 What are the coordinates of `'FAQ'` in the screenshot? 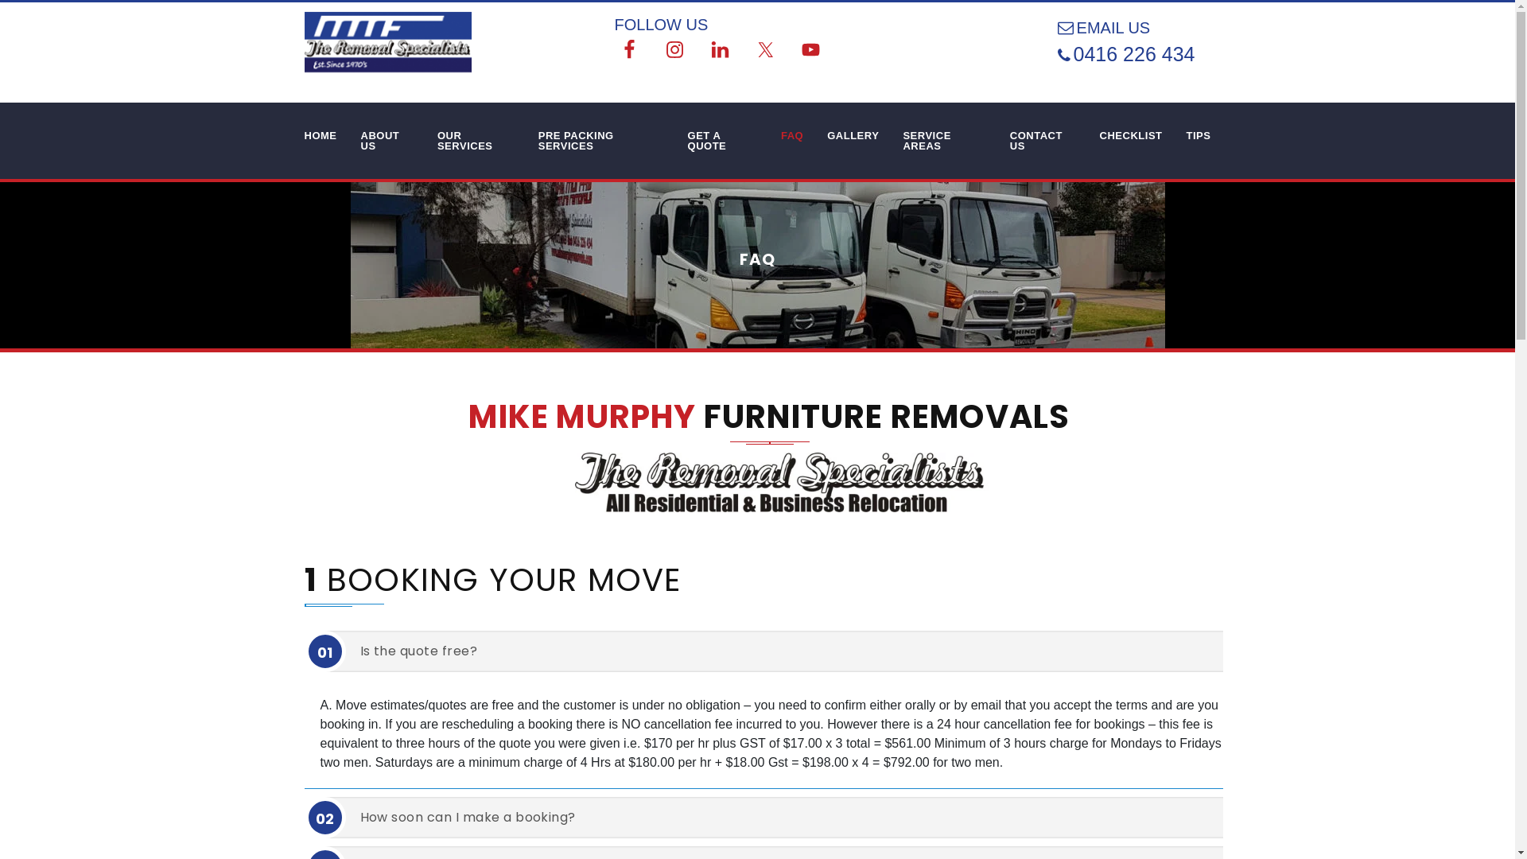 It's located at (792, 134).